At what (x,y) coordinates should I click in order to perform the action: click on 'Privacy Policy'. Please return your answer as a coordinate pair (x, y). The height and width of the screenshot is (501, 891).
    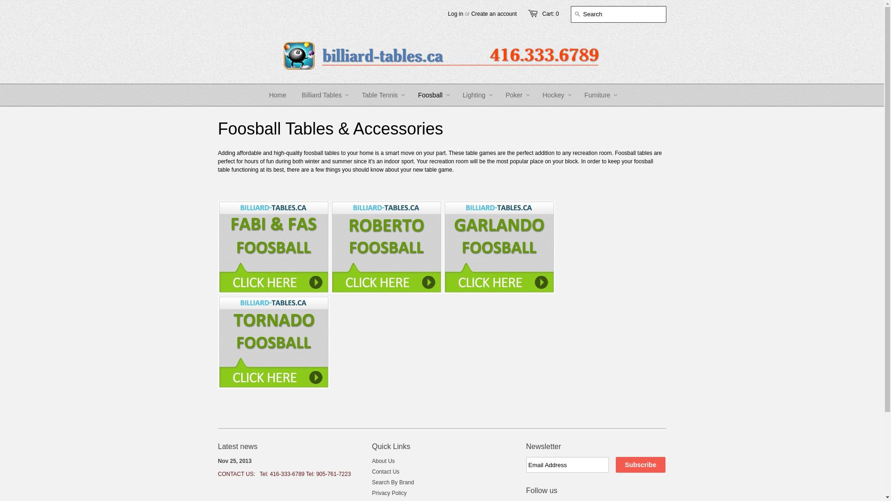
    Looking at the image, I should click on (389, 493).